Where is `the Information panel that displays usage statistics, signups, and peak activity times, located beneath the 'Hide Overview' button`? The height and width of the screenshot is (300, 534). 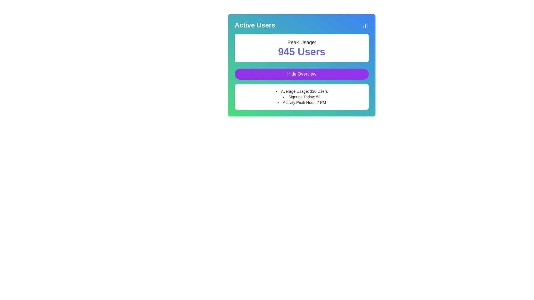 the Information panel that displays usage statistics, signups, and peak activity times, located beneath the 'Hide Overview' button is located at coordinates (301, 96).